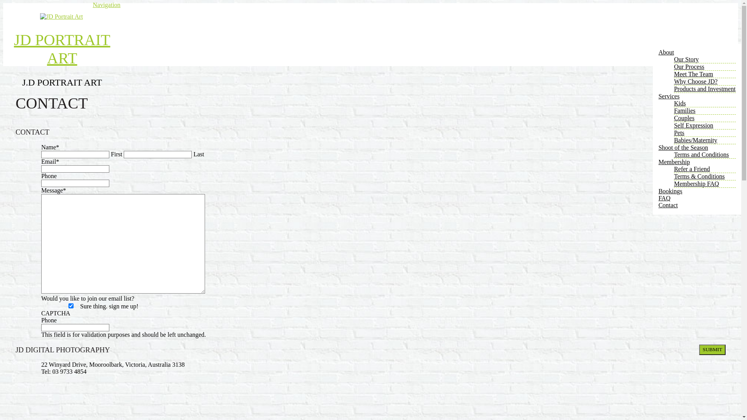  What do you see at coordinates (679, 132) in the screenshot?
I see `'Pets'` at bounding box center [679, 132].